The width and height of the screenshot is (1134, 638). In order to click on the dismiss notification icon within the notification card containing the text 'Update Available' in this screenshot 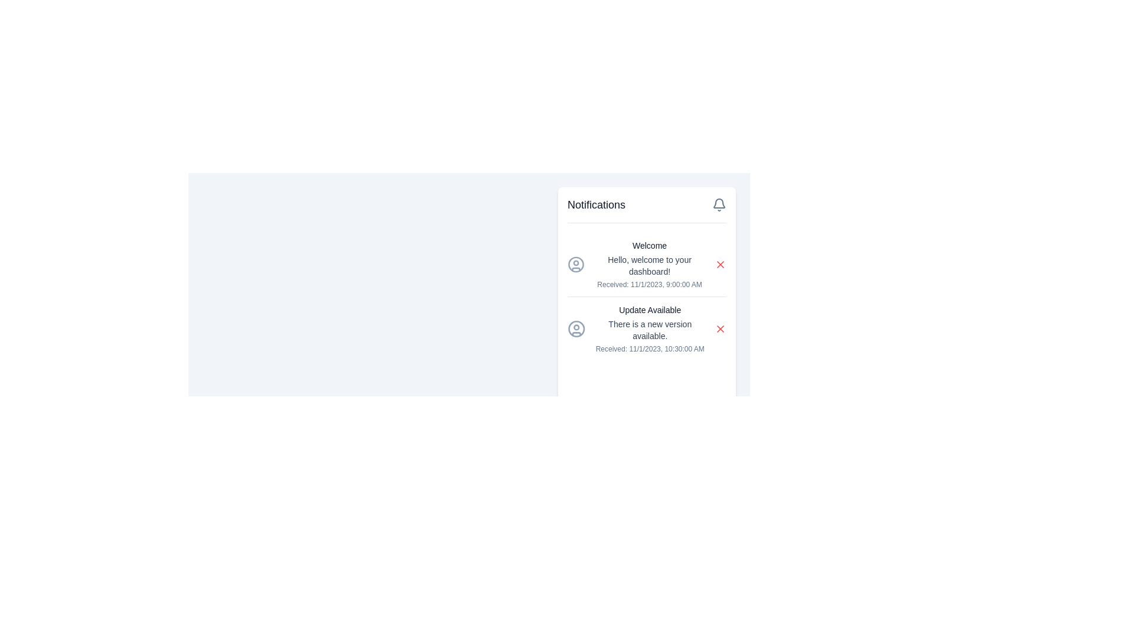, I will do `click(719, 328)`.